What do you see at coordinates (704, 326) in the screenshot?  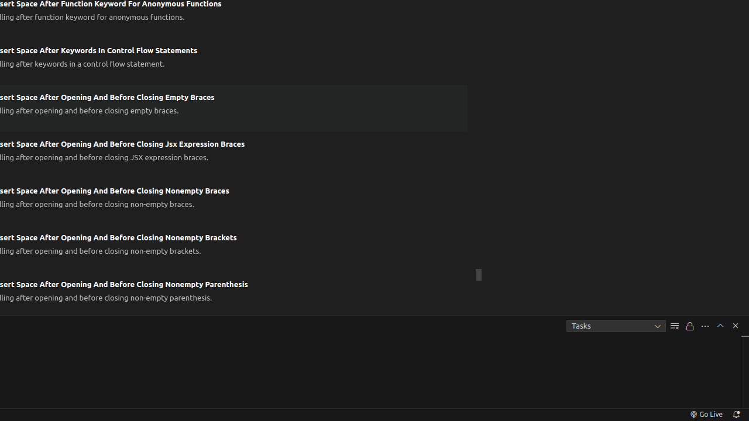 I see `'Views and More Actions...'` at bounding box center [704, 326].